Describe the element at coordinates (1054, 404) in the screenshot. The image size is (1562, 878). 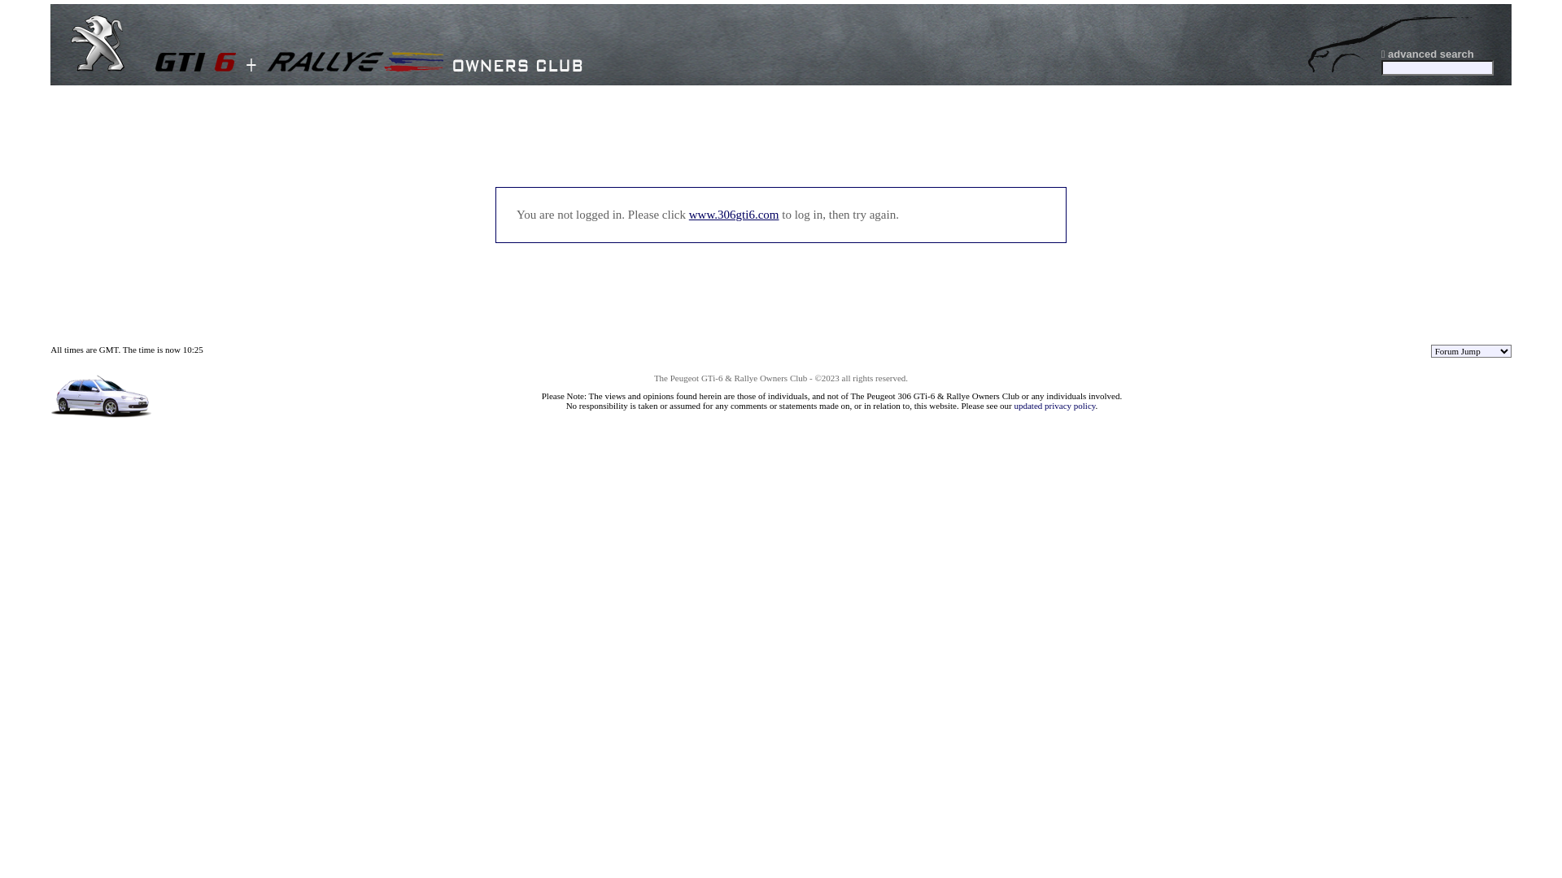
I see `'updated privacy policy'` at that location.